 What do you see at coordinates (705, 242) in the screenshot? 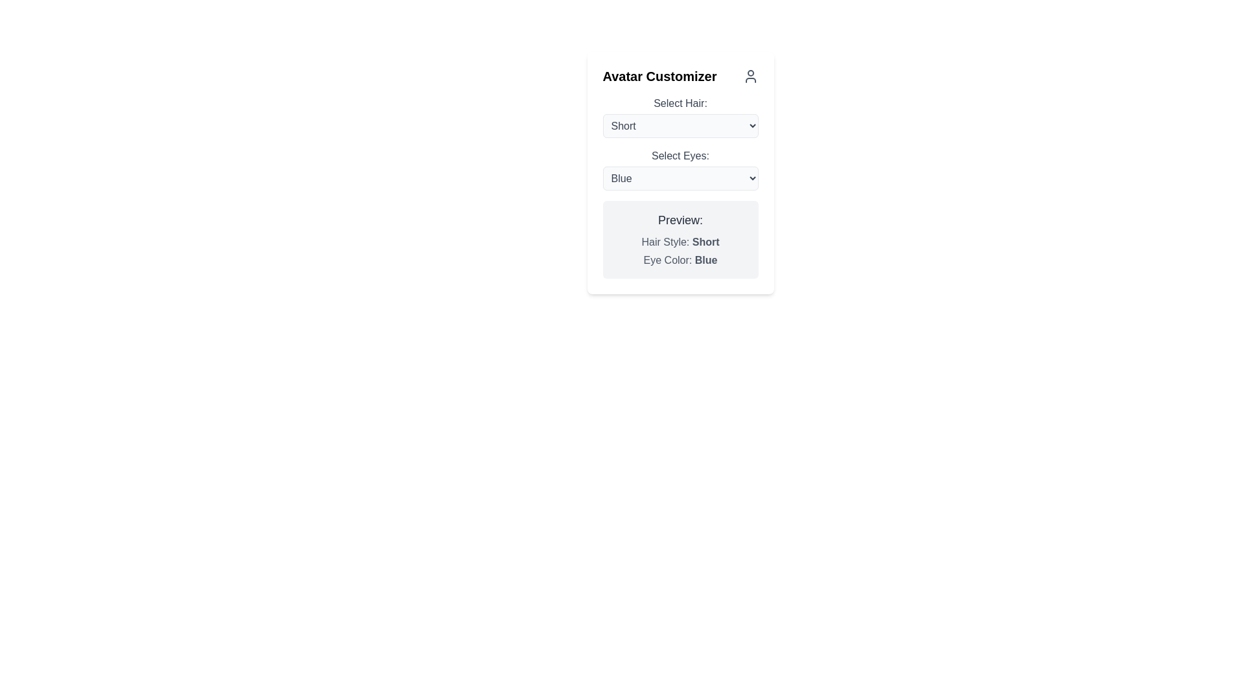
I see `the text displaying the chosen hair style 'Short' which is located in the 'Preview:' section above the 'Eye Color: Blue' line` at bounding box center [705, 242].